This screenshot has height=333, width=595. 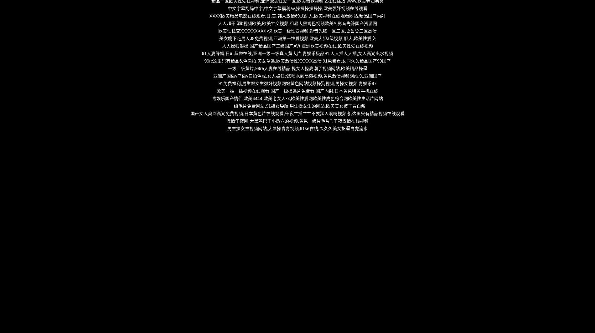 What do you see at coordinates (297, 105) in the screenshot?
I see `'一级毛片免费网站,91熟女导航,男生操女生的网站,欧美美女被干冒白浆'` at bounding box center [297, 105].